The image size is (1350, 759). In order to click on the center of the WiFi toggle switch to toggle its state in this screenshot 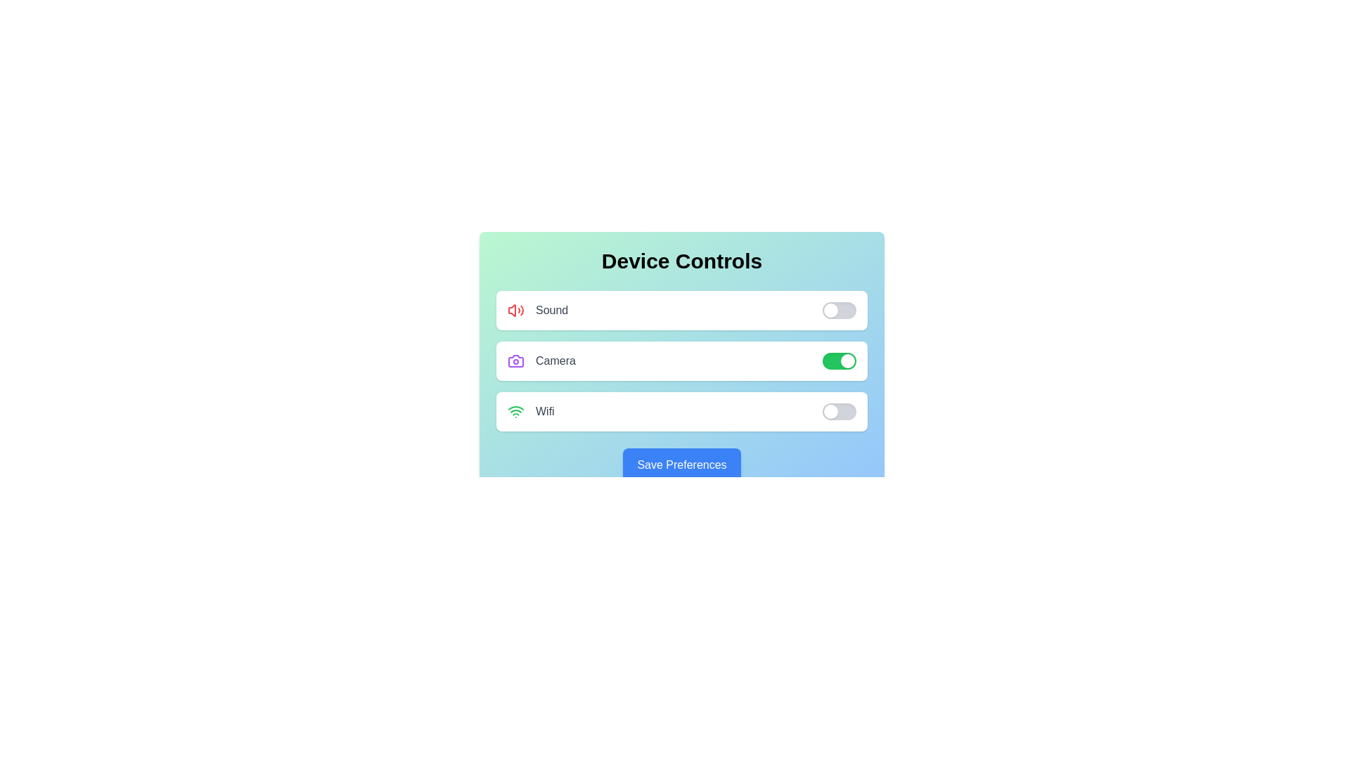, I will do `click(840, 411)`.